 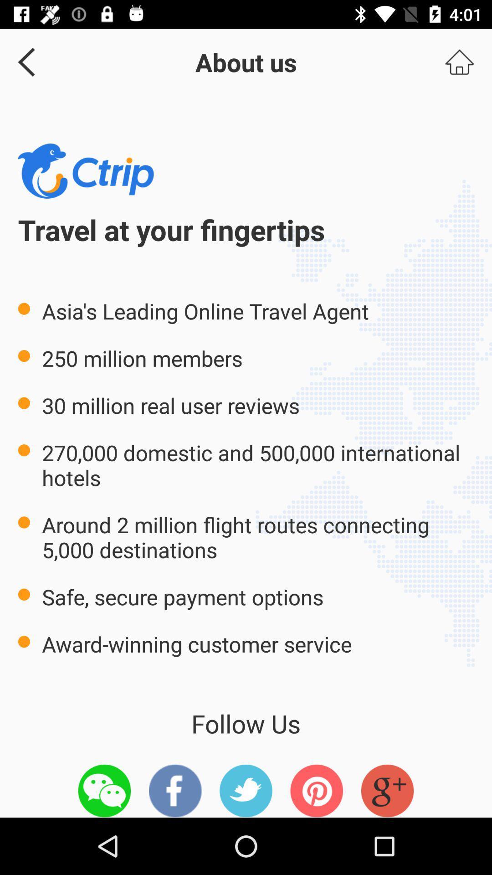 I want to click on goto homepage, so click(x=459, y=62).